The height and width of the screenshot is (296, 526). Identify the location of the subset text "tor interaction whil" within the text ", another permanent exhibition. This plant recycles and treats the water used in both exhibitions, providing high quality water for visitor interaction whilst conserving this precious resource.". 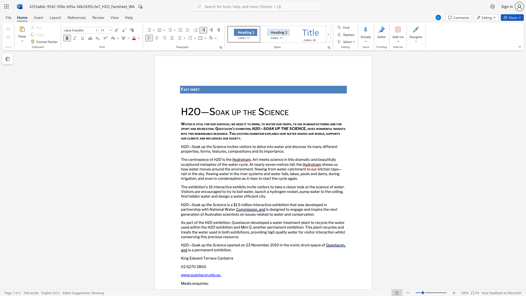
(310, 232).